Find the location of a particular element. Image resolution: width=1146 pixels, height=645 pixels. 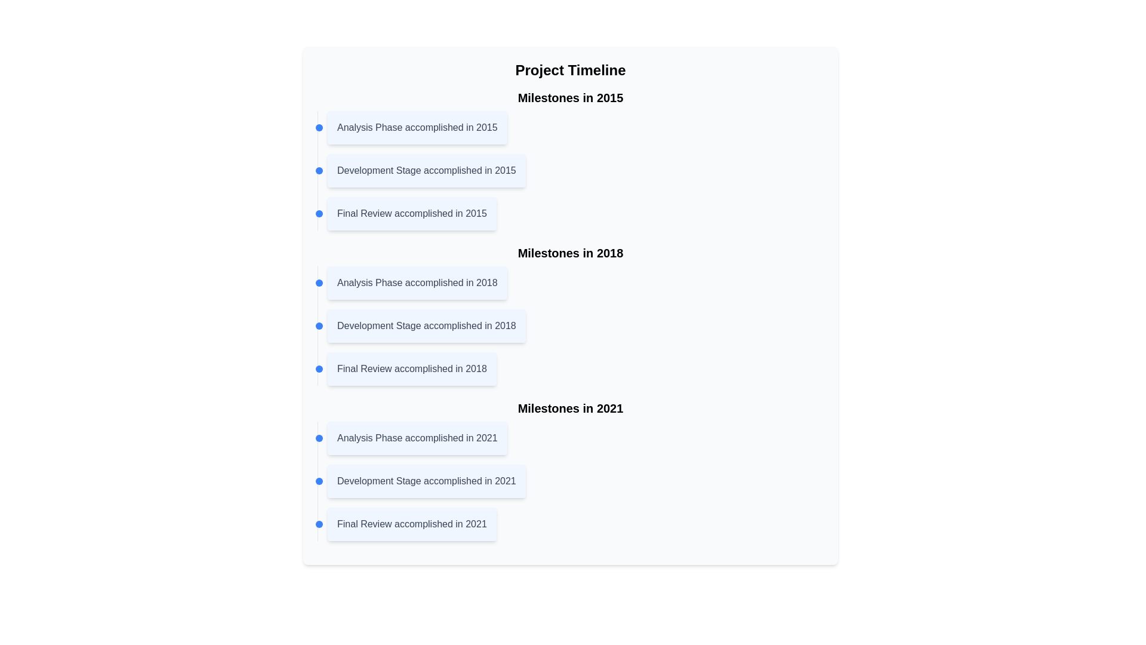

the graphical indicator (dot/marker) that visually indicates the milestone 'Analysis Phase accomplished in 2018' in the timeline section is located at coordinates (319, 283).